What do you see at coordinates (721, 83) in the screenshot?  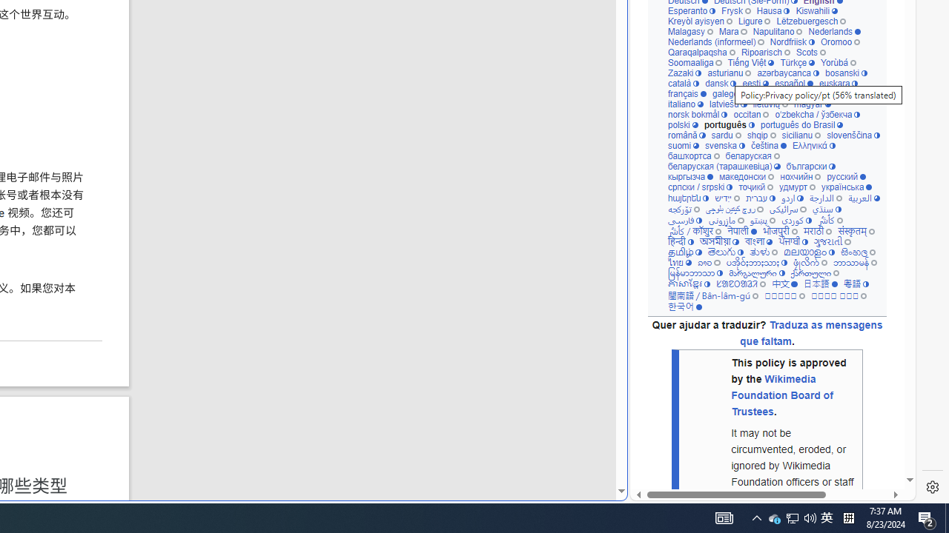 I see `'dansk'` at bounding box center [721, 83].